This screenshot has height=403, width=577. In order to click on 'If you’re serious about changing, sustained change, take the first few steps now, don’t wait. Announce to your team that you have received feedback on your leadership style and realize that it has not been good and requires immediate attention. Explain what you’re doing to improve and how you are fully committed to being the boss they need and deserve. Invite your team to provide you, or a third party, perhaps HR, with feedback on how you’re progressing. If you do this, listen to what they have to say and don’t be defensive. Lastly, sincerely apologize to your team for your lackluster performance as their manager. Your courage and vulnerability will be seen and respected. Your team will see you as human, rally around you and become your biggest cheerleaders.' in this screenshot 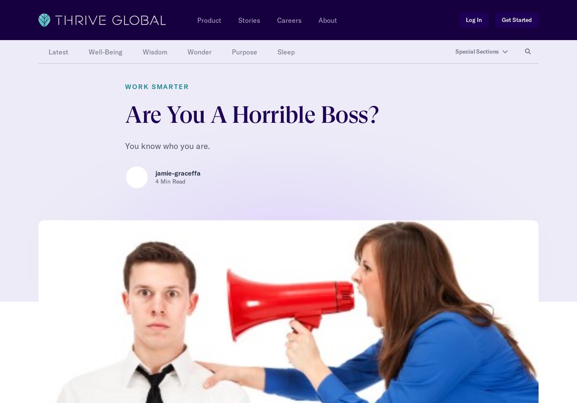, I will do `click(286, 280)`.